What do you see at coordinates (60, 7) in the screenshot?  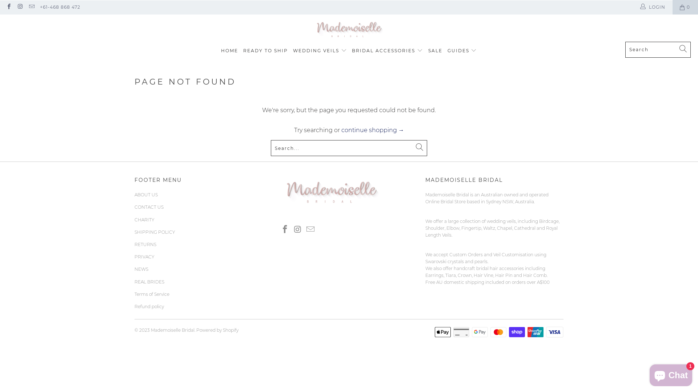 I see `'+61-468 868 472'` at bounding box center [60, 7].